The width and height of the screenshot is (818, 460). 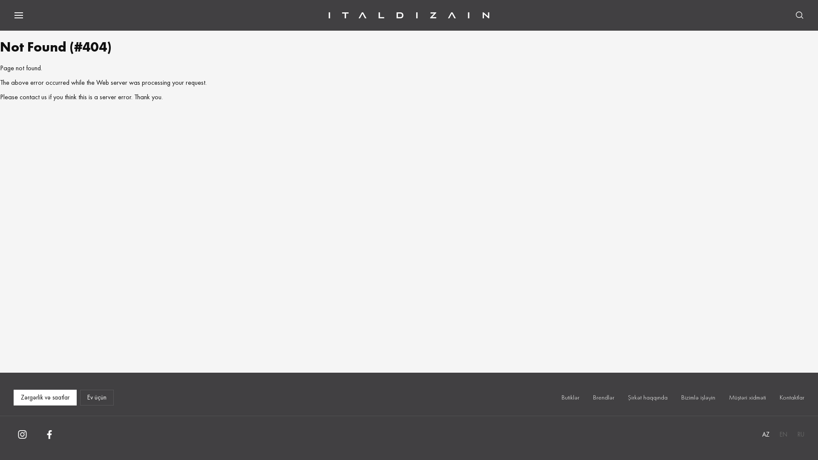 What do you see at coordinates (801, 434) in the screenshot?
I see `'RU'` at bounding box center [801, 434].